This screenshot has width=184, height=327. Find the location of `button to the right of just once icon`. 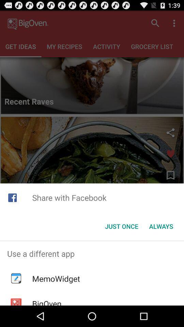

button to the right of just once icon is located at coordinates (161, 226).